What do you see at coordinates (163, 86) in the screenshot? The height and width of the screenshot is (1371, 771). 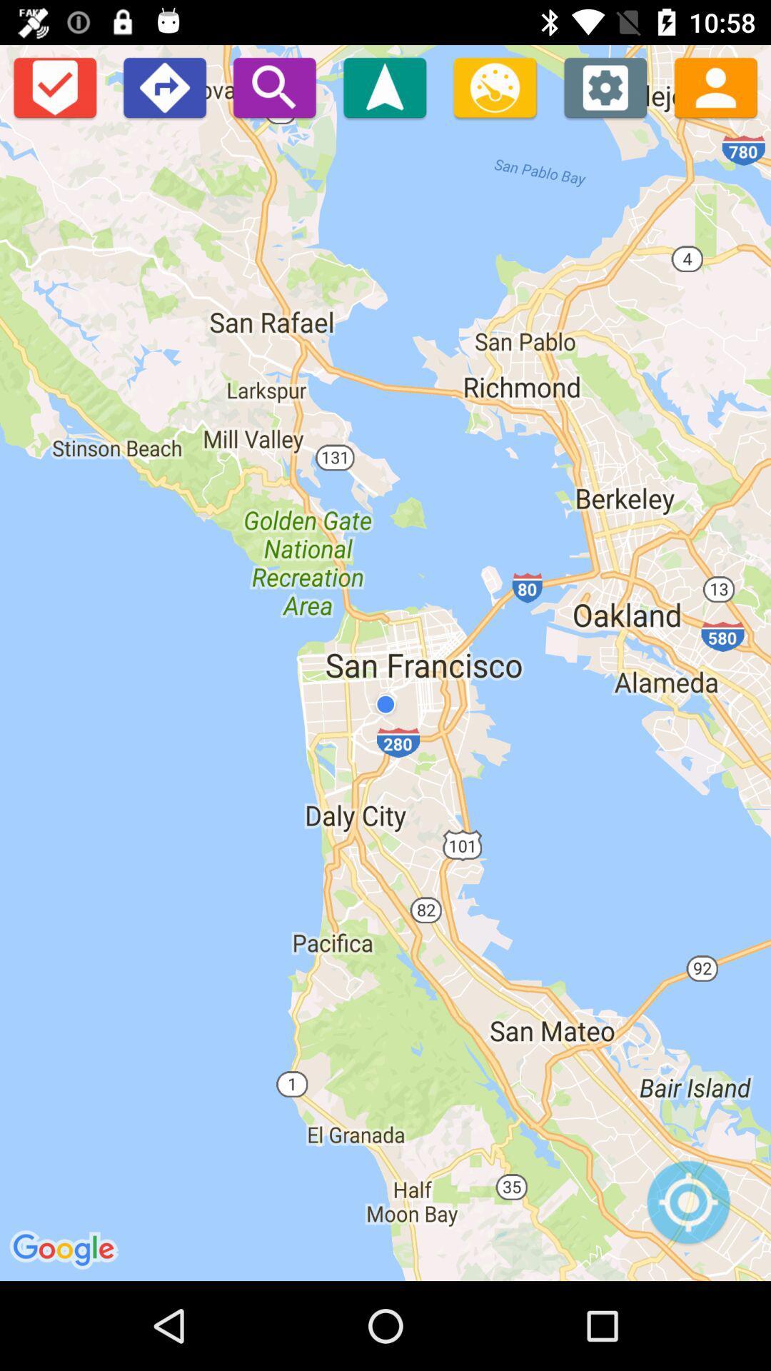 I see `go back` at bounding box center [163, 86].